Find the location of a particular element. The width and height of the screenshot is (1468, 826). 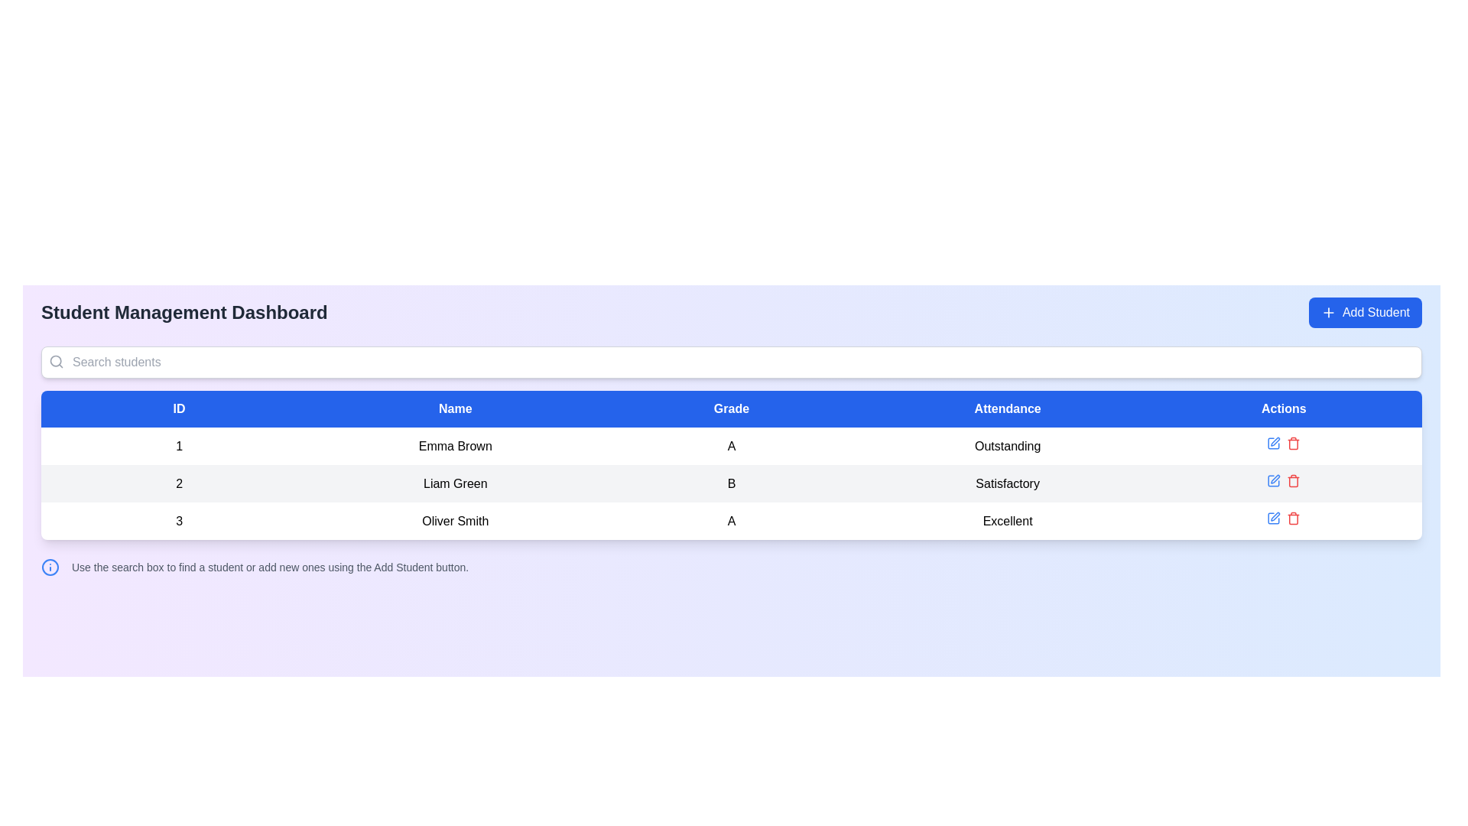

SVG graphical circle component, which is a blue circle with a 10-pixel radius located at the lower left part of the interface, directly left of a descriptive text box, using developer tools is located at coordinates (50, 567).